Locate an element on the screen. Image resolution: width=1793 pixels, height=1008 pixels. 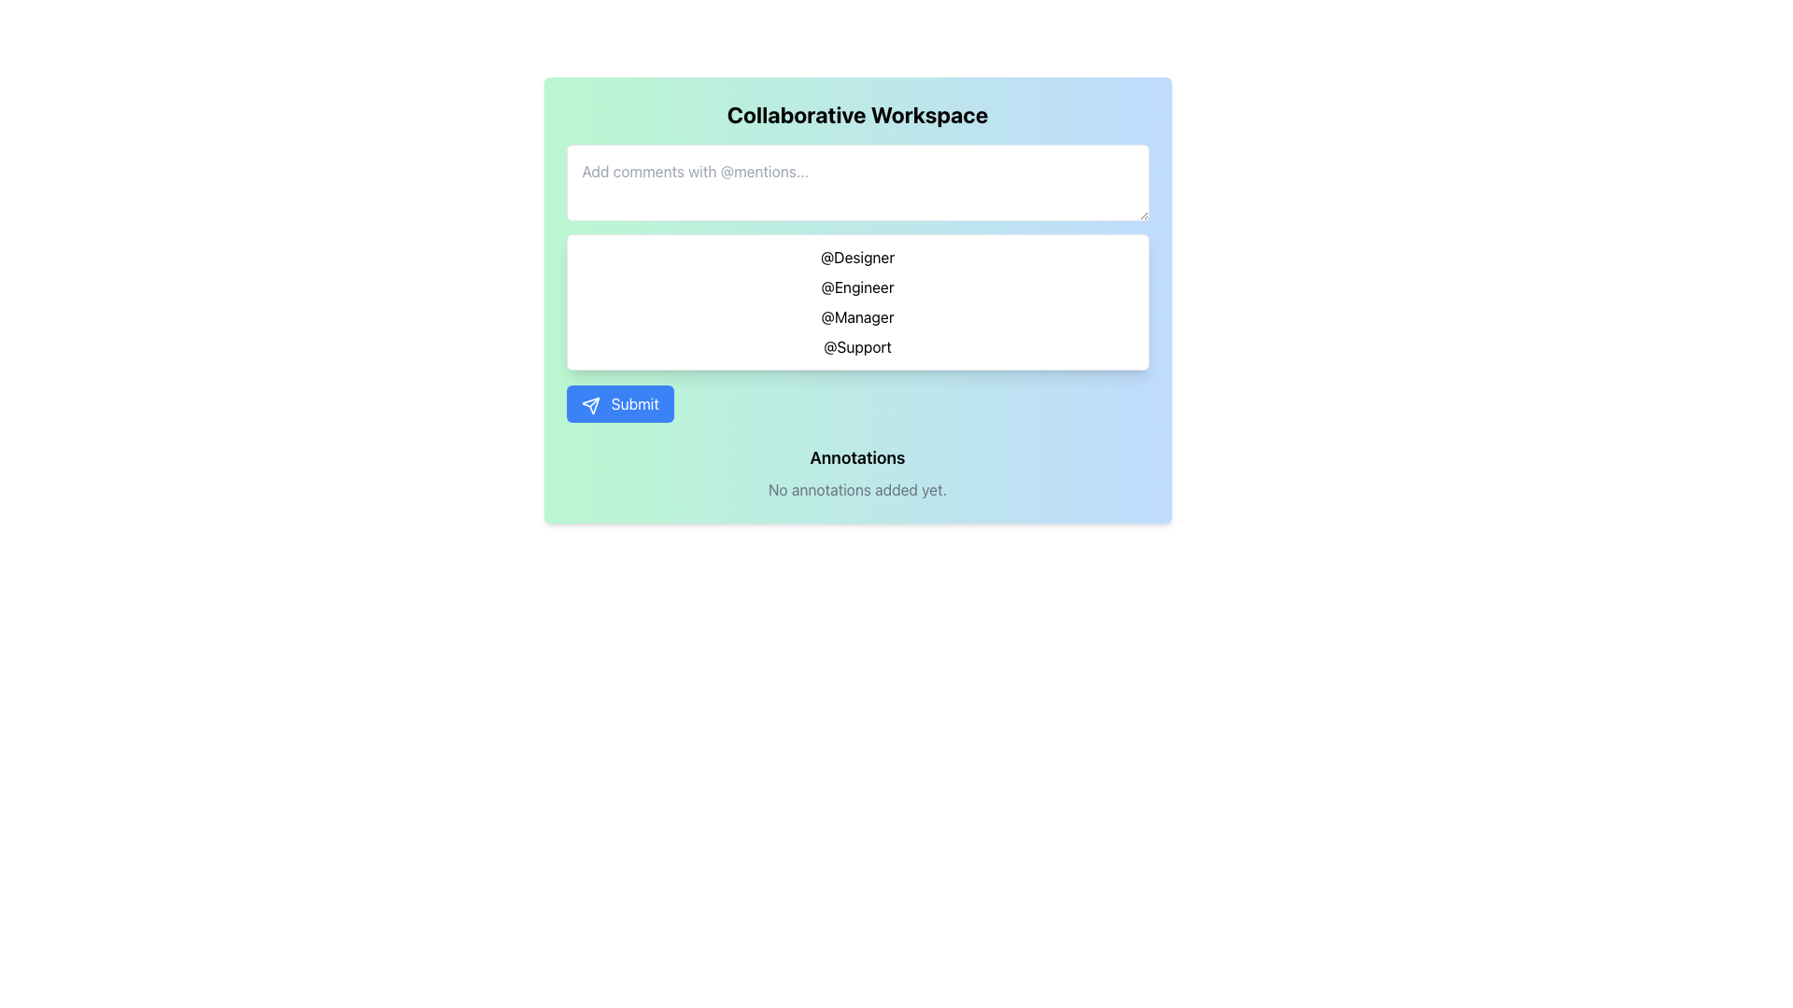
the first list entry displaying '@Designer' is located at coordinates (856, 258).